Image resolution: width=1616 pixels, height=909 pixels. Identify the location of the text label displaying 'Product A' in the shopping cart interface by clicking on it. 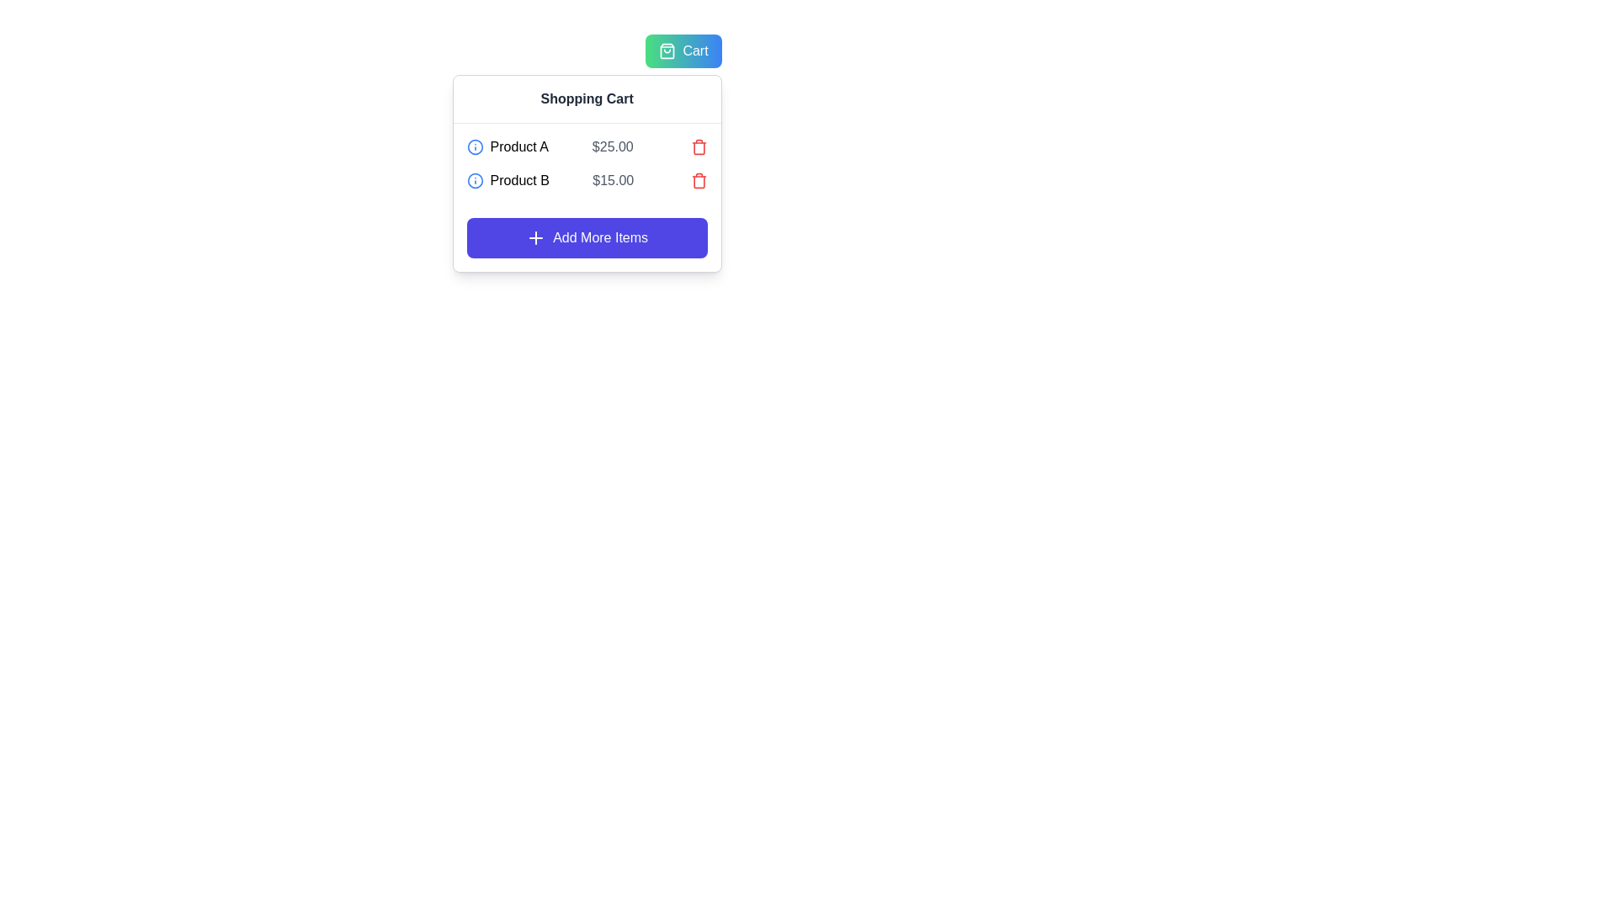
(518, 146).